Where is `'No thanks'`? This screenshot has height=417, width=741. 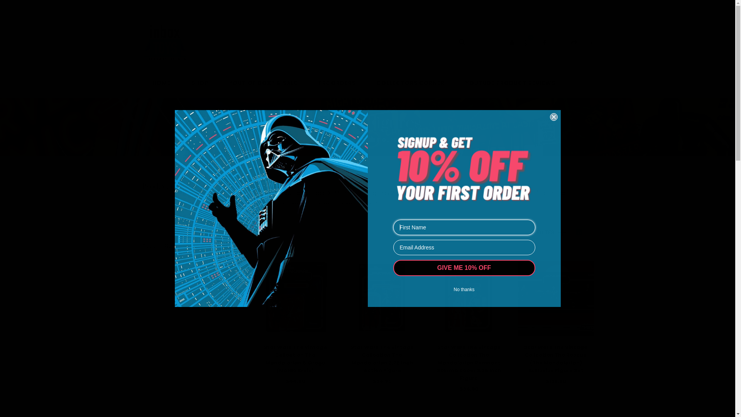 'No thanks' is located at coordinates (463, 289).